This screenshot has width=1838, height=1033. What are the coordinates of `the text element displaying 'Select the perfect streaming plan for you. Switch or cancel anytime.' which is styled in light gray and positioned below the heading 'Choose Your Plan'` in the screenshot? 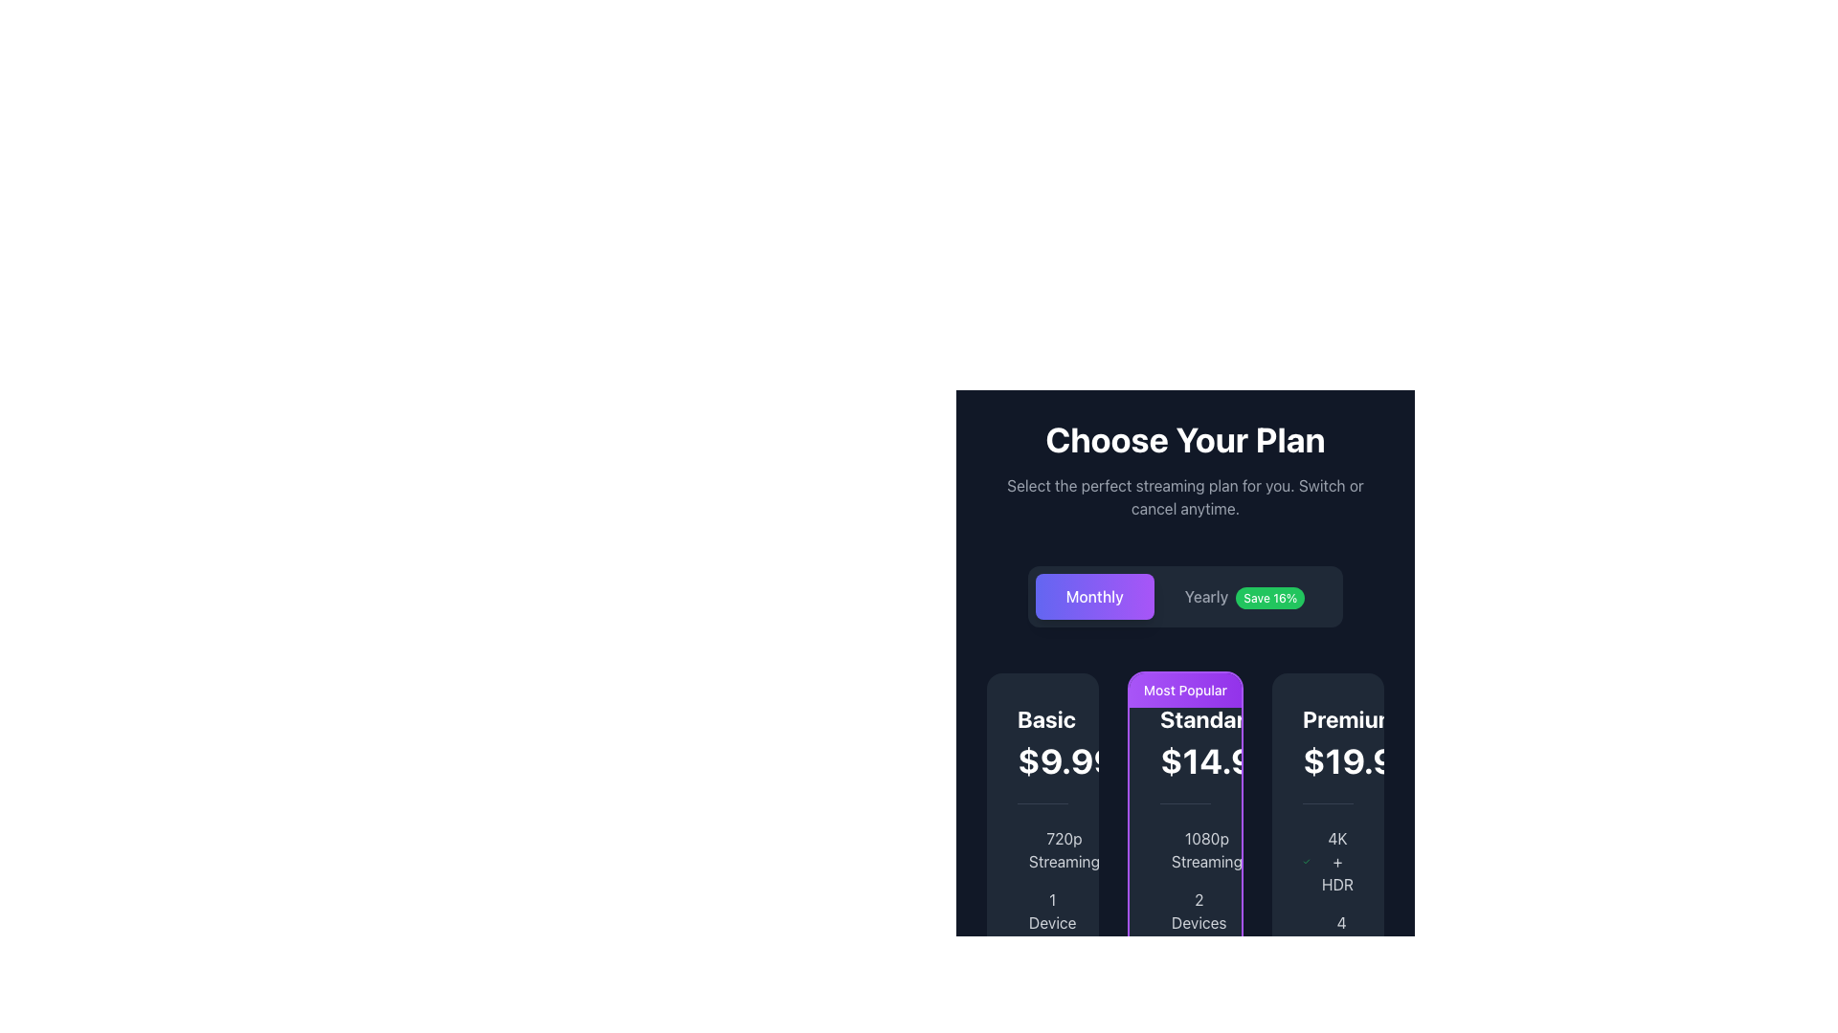 It's located at (1184, 496).